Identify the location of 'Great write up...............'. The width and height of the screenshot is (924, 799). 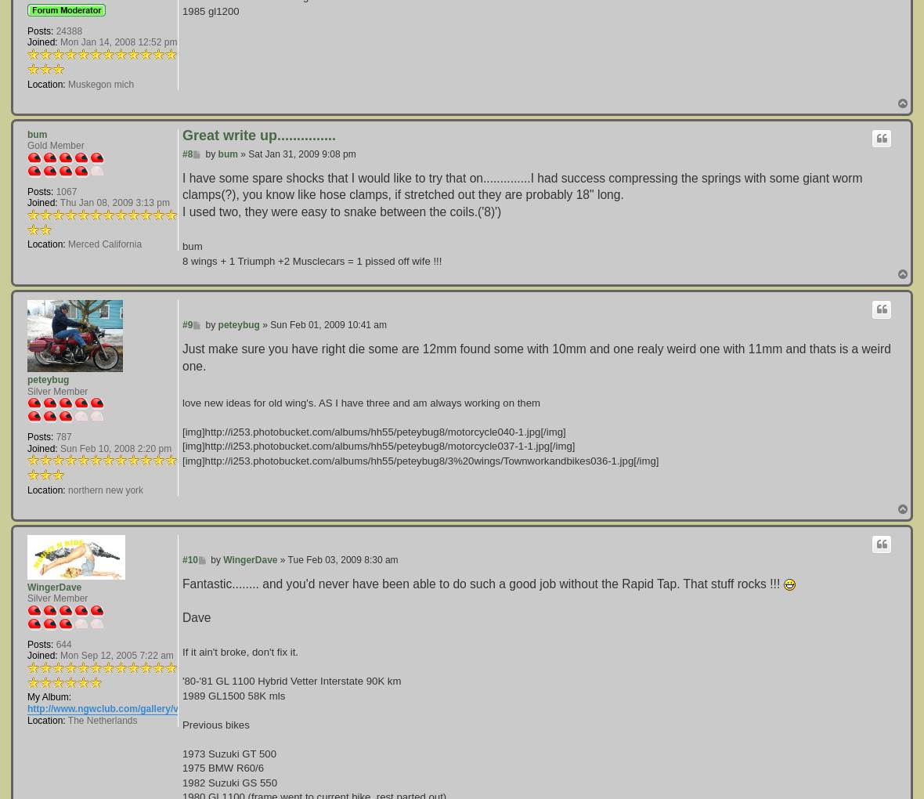
(258, 134).